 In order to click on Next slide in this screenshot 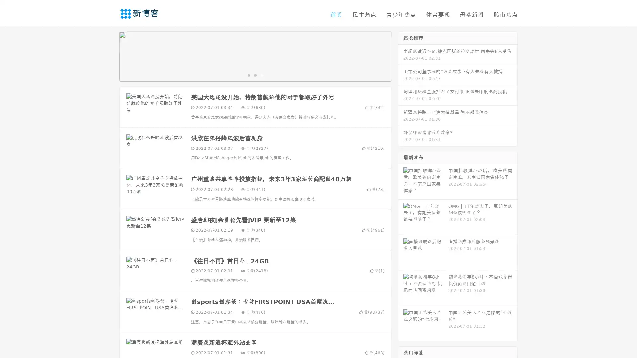, I will do `click(401, 56)`.